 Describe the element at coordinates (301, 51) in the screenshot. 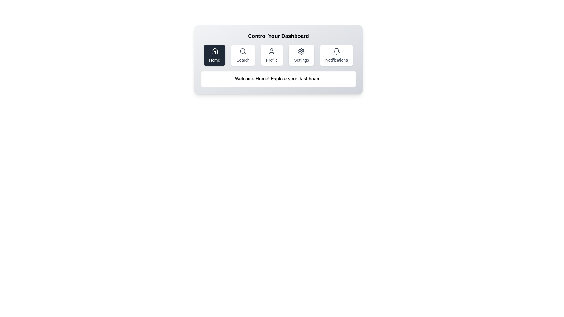

I see `the Settings icon, which resembles a cogwheel or gear and is located in the primary dashboard's navigation bar between the Profile and Notifications buttons` at that location.